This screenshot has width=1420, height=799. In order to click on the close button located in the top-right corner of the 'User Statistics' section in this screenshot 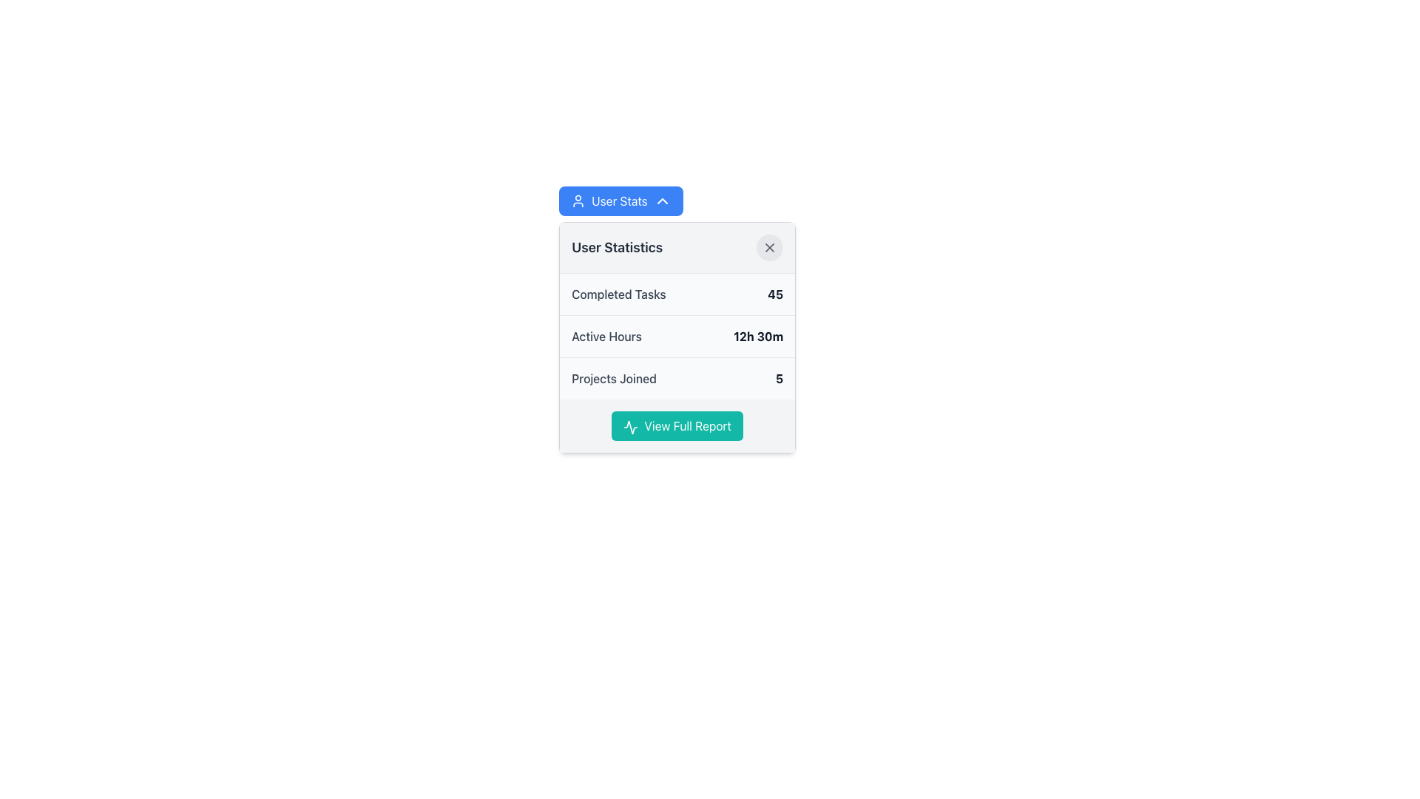, I will do `click(769, 247)`.